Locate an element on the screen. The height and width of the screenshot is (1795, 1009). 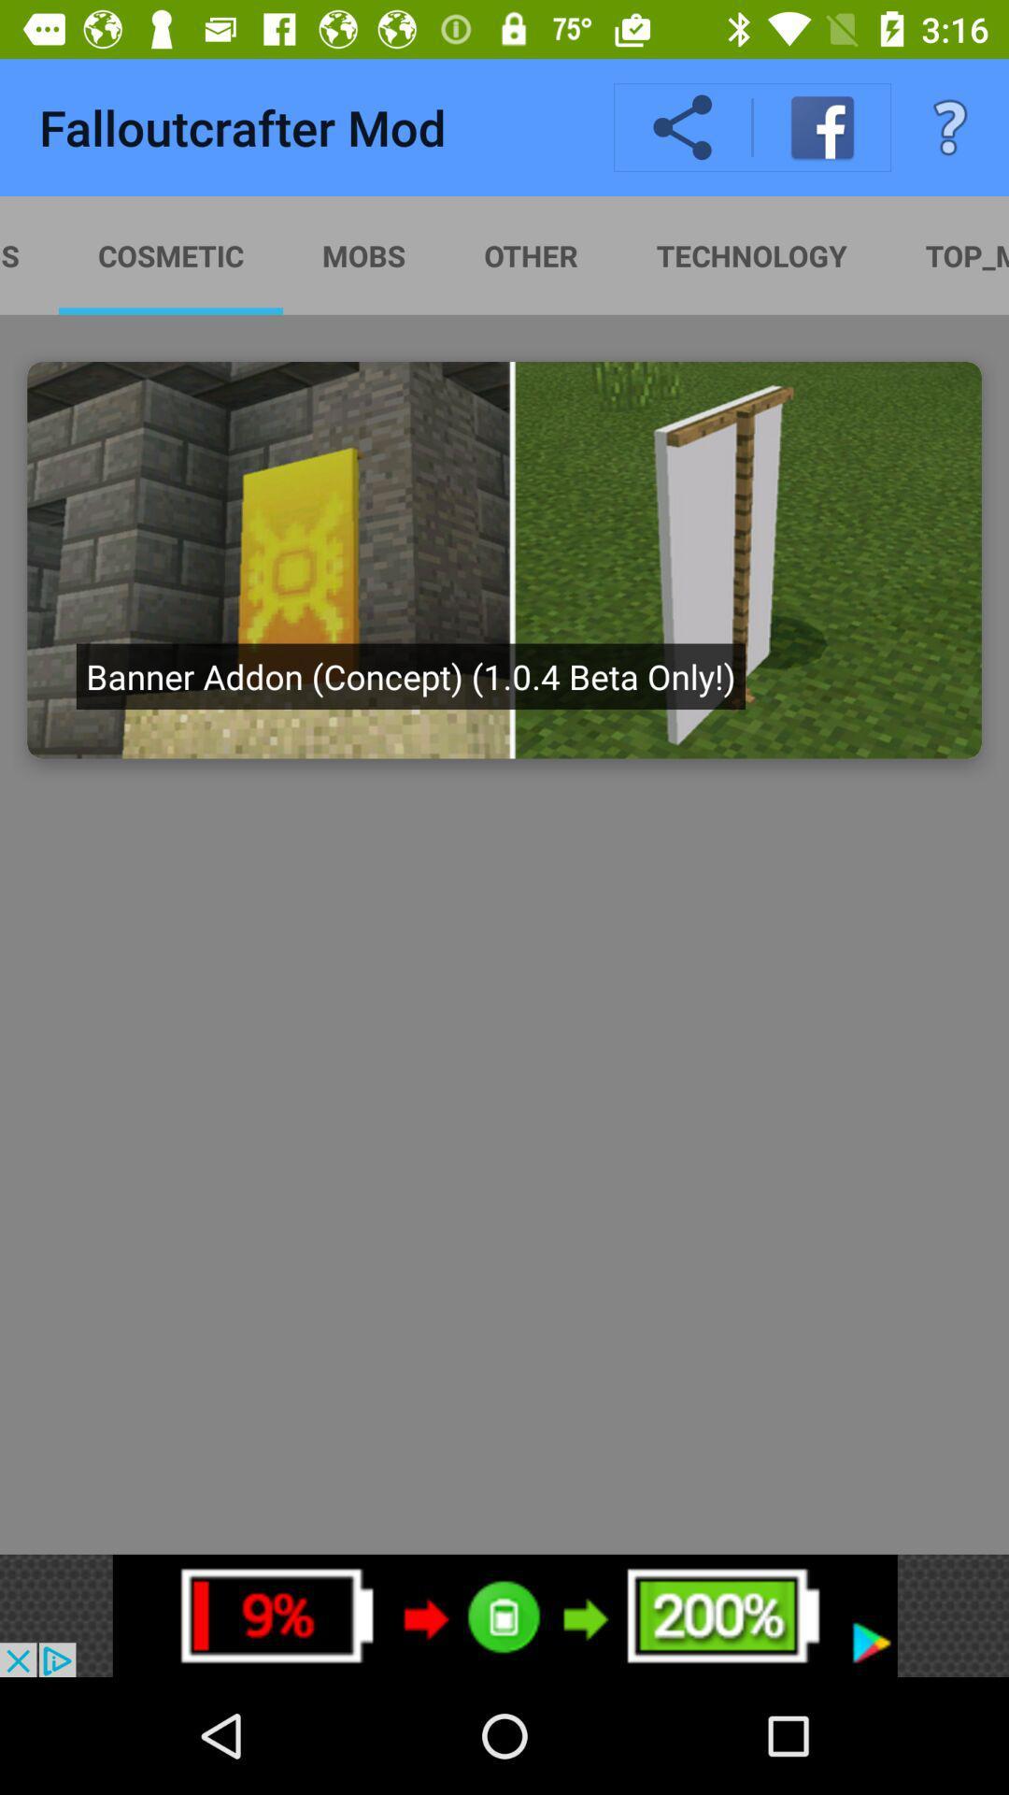
game is located at coordinates (504, 559).